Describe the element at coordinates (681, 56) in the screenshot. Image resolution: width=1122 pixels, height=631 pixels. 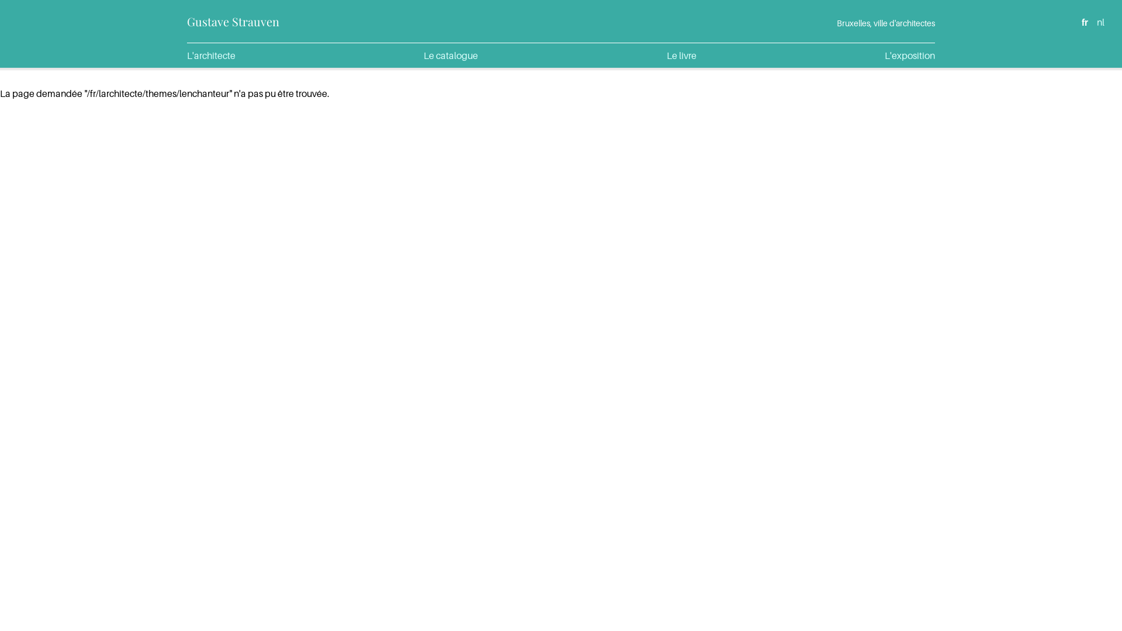
I see `'Le livre'` at that location.